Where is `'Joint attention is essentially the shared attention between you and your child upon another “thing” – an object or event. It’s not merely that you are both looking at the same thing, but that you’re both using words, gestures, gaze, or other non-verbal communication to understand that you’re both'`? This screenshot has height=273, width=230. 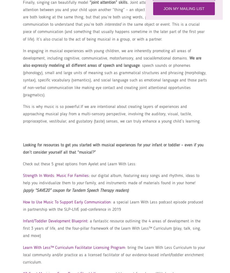 'Joint attention is essentially the shared attention between you and your child upon another “thing” – an object or event. It’s not merely that you are both looking at the same thing, but that you’re both using words, gestures, gaze, or other non-verbal communication to understand that you’re both' is located at coordinates (114, 13).